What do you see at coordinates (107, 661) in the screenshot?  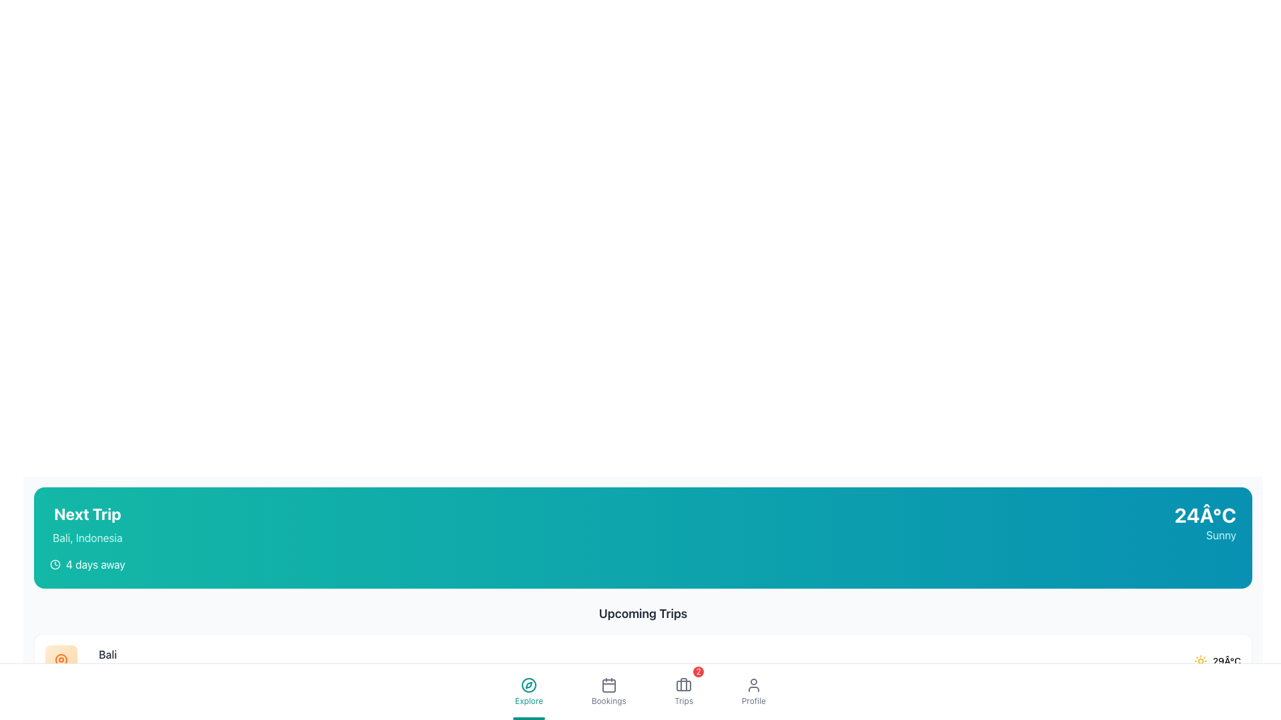 I see `the text label 'Bali' located in the lower center of the layout under the section labeled 'Upcoming Trips' for more information` at bounding box center [107, 661].